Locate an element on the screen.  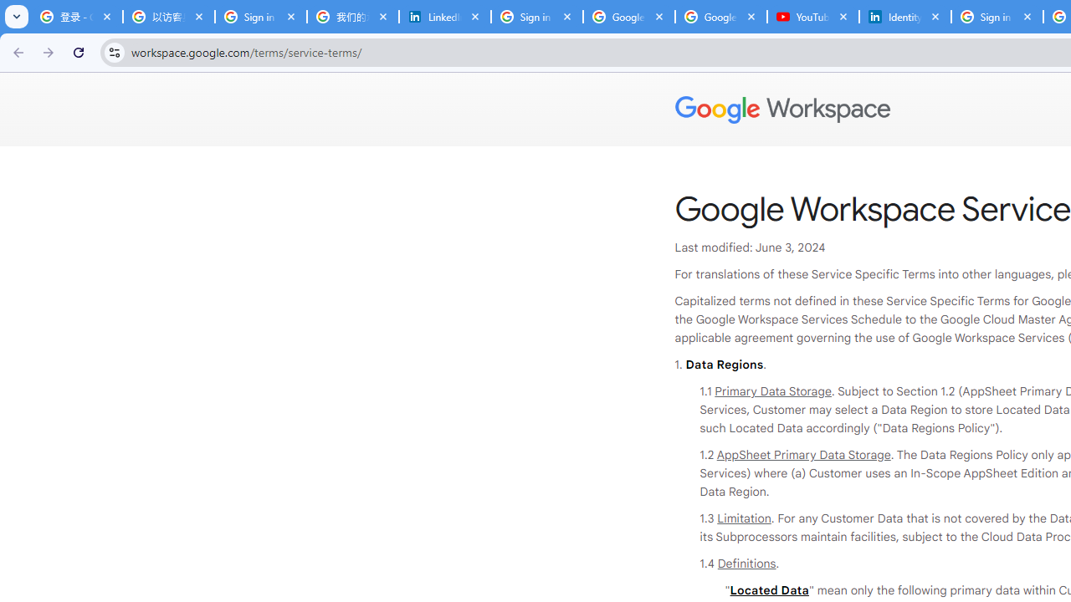
'Sign in - Google Accounts' is located at coordinates (260, 17).